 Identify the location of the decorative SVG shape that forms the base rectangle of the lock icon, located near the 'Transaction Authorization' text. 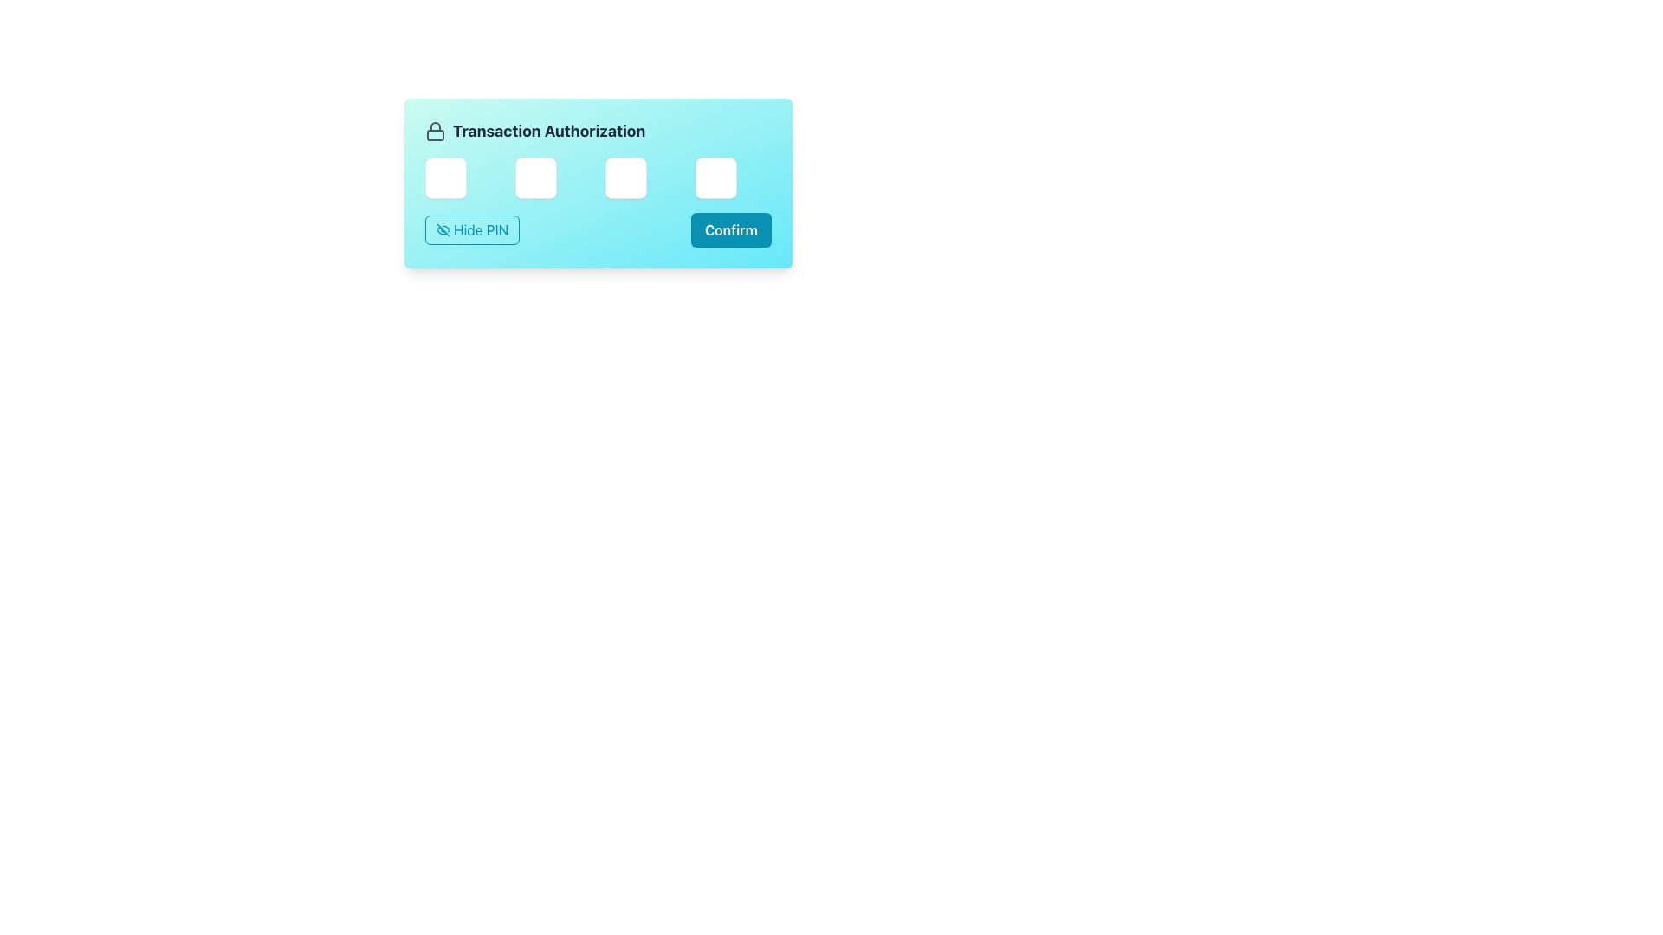
(436, 134).